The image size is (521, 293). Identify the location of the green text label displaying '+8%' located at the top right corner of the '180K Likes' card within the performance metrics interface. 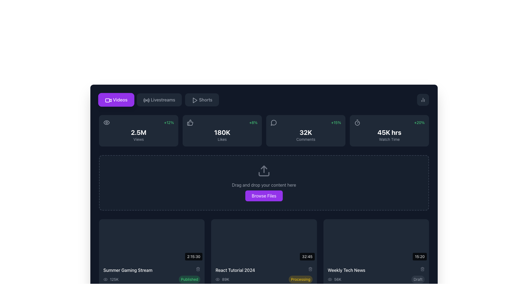
(253, 122).